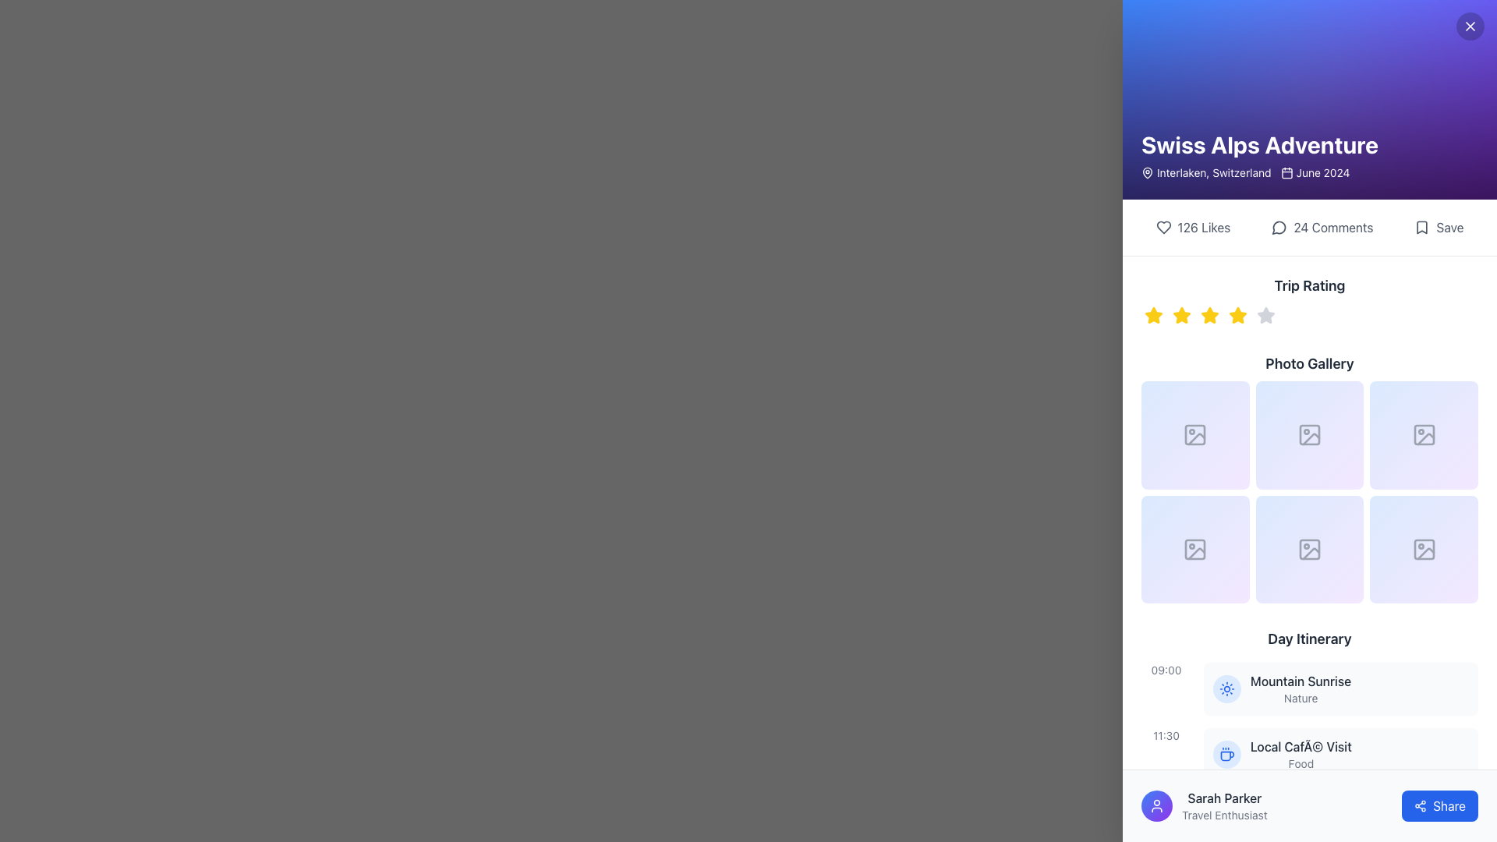 This screenshot has width=1497, height=842. I want to click on displayed date text associated with the event titled 'Swiss Alps Adventure', located beneath its header in the upper right area of the interface, so click(1315, 173).